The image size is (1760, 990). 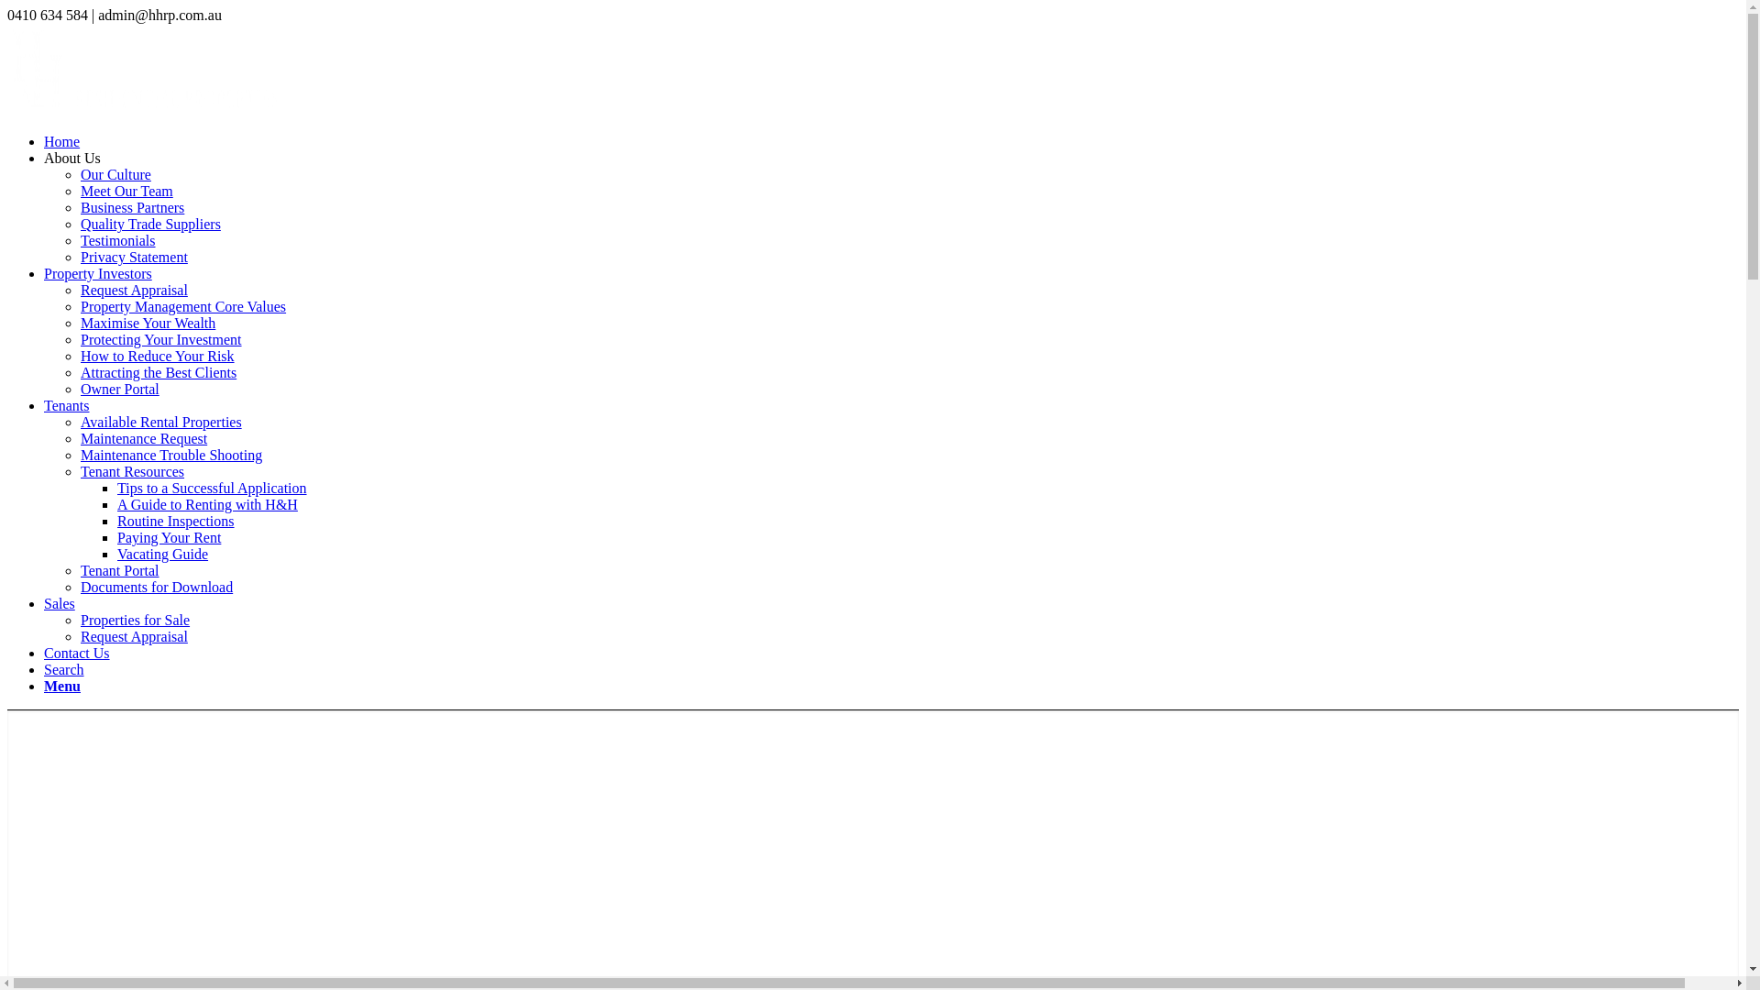 I want to click on 'Contact Us', so click(x=75, y=652).